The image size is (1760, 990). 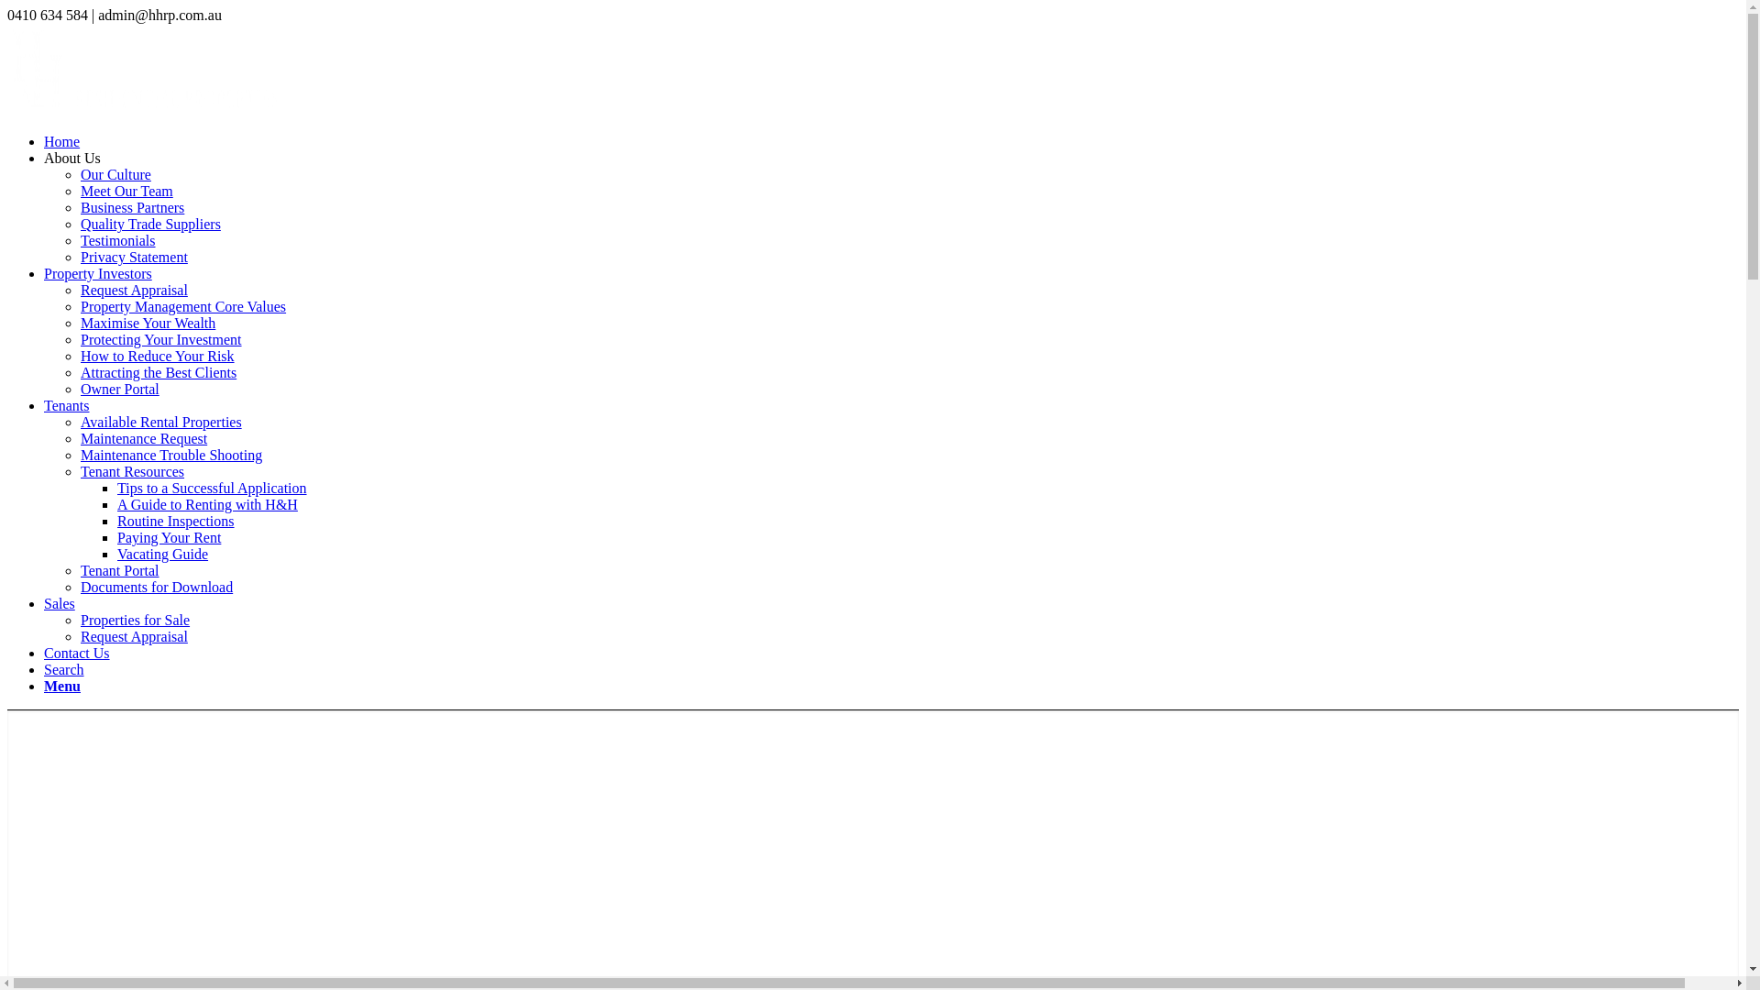 I want to click on 'Contact Us', so click(x=75, y=652).